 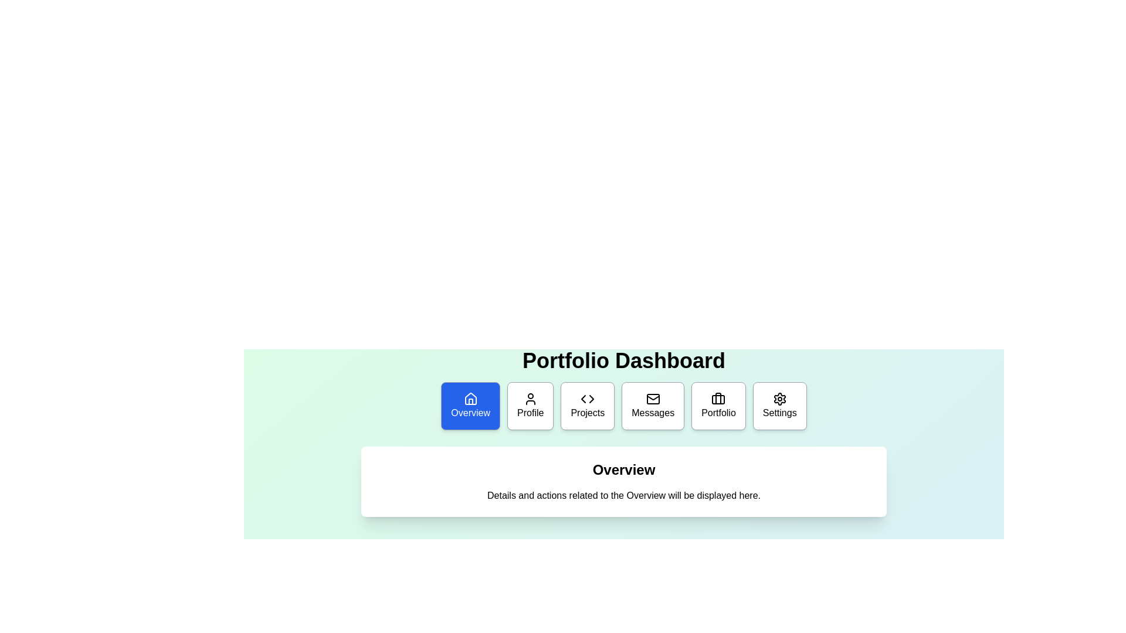 What do you see at coordinates (470, 406) in the screenshot?
I see `the 'Overview' button, which is styled with a blue background and white text, located in the horizontal navigation bar to the left of other buttons like 'Profile', 'Projects', 'Messages', 'Portfolio', and 'Settings'` at bounding box center [470, 406].